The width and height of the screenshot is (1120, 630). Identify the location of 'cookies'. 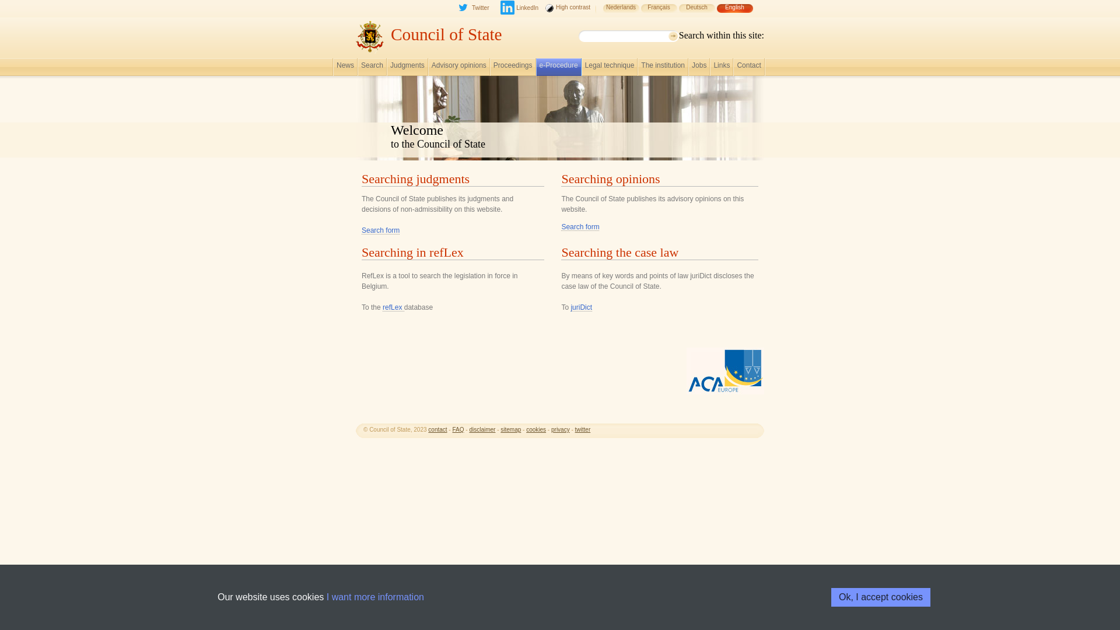
(535, 429).